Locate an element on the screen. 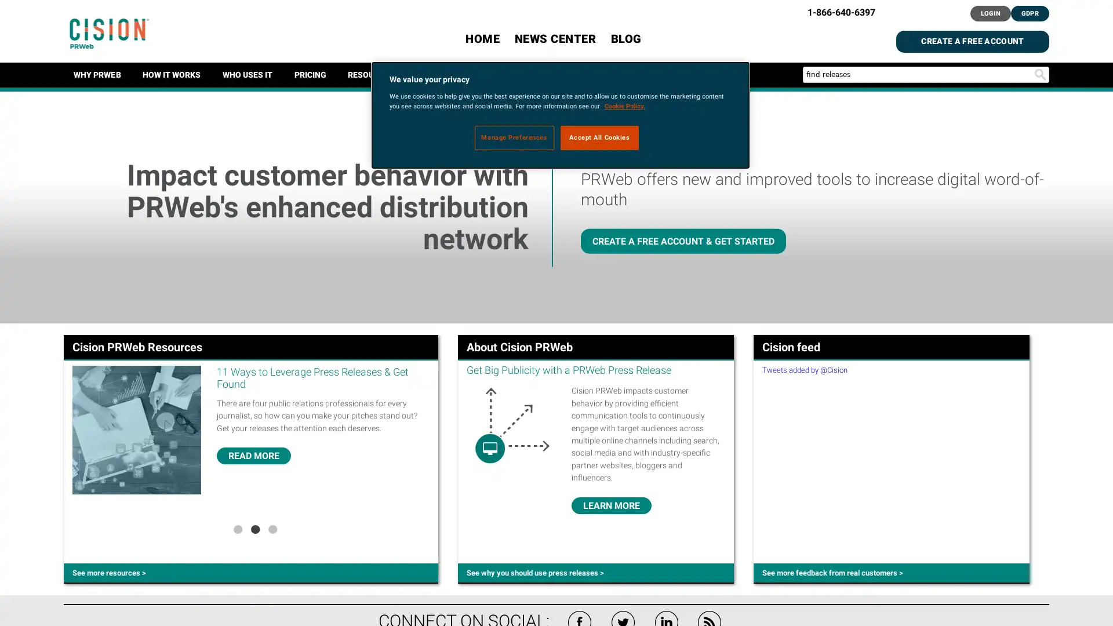 The height and width of the screenshot is (626, 1113). 2 is located at coordinates (254, 528).